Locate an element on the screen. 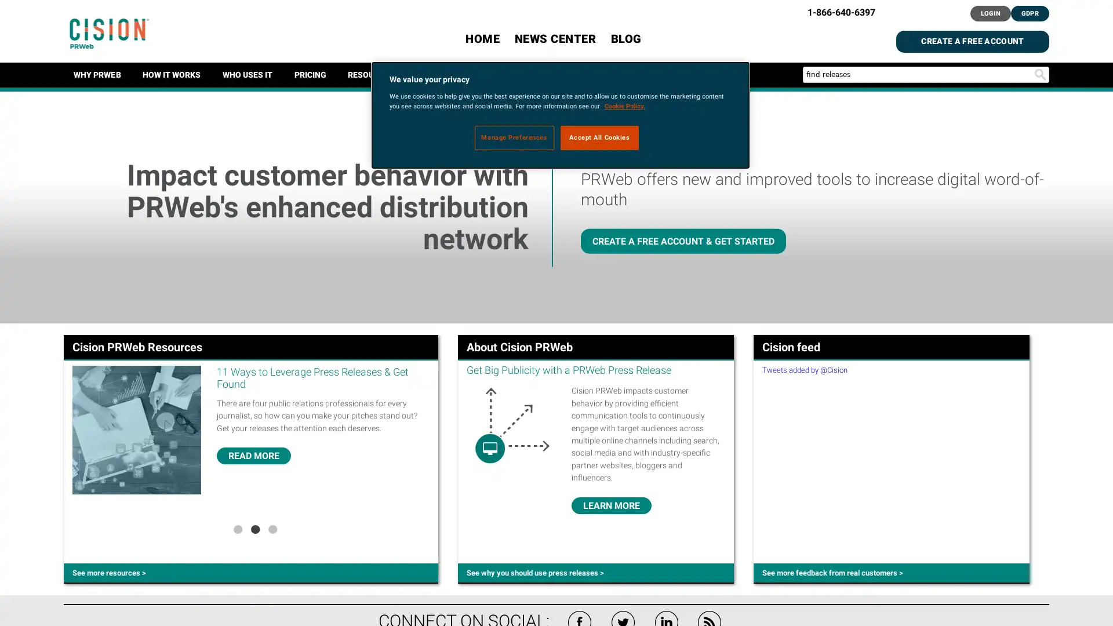 The height and width of the screenshot is (626, 1113). 2 is located at coordinates (254, 528).